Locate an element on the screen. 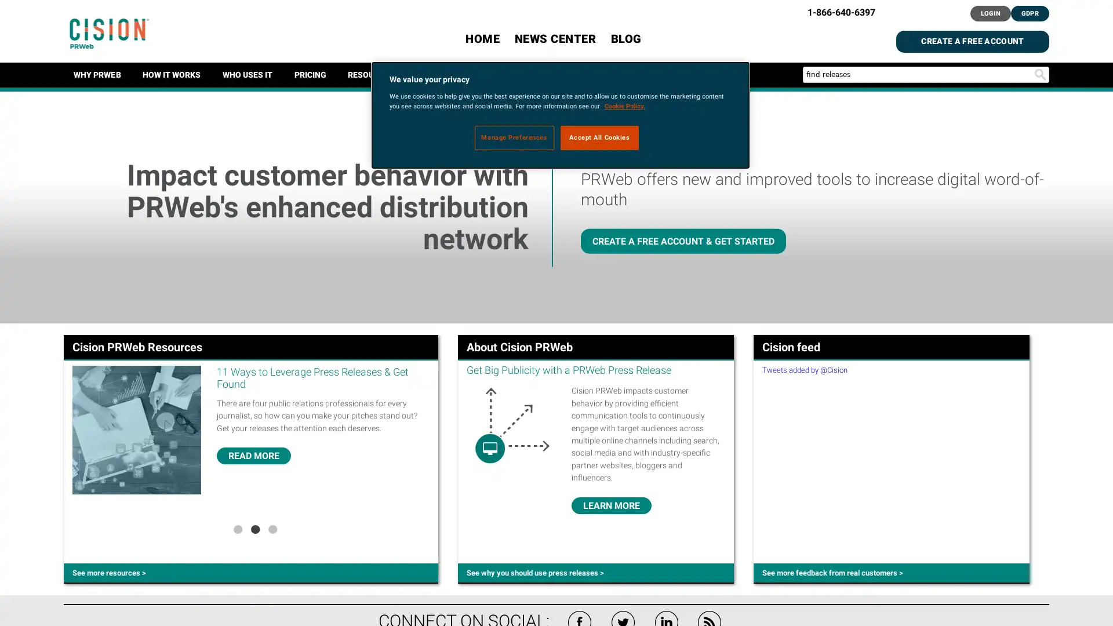 The height and width of the screenshot is (626, 1113). 2 is located at coordinates (254, 528).